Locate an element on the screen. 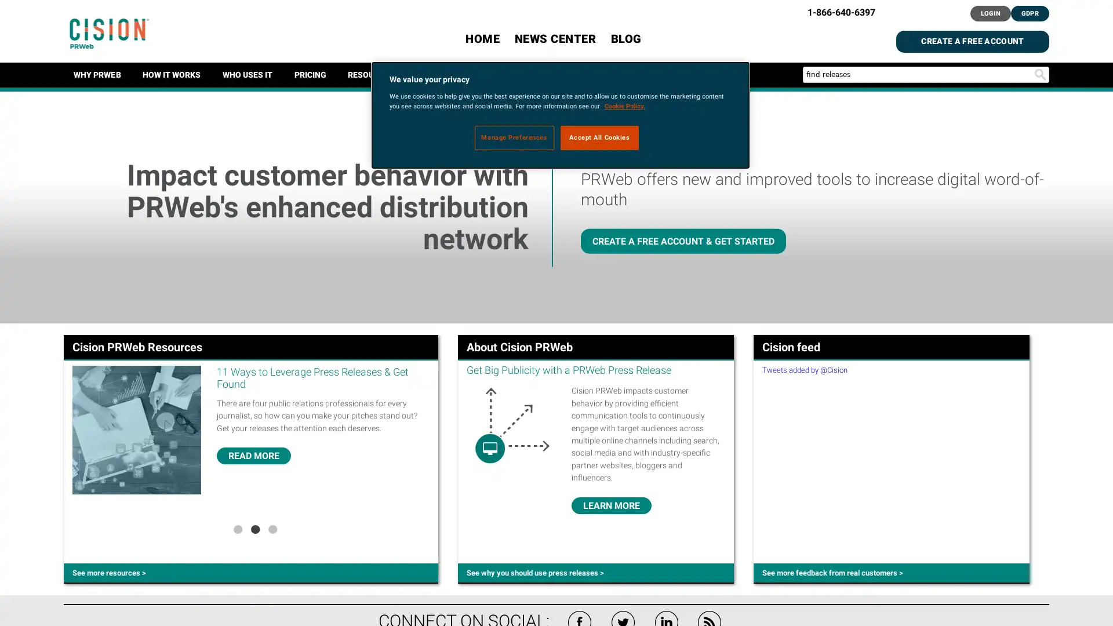 The height and width of the screenshot is (626, 1113). 2 is located at coordinates (254, 528).